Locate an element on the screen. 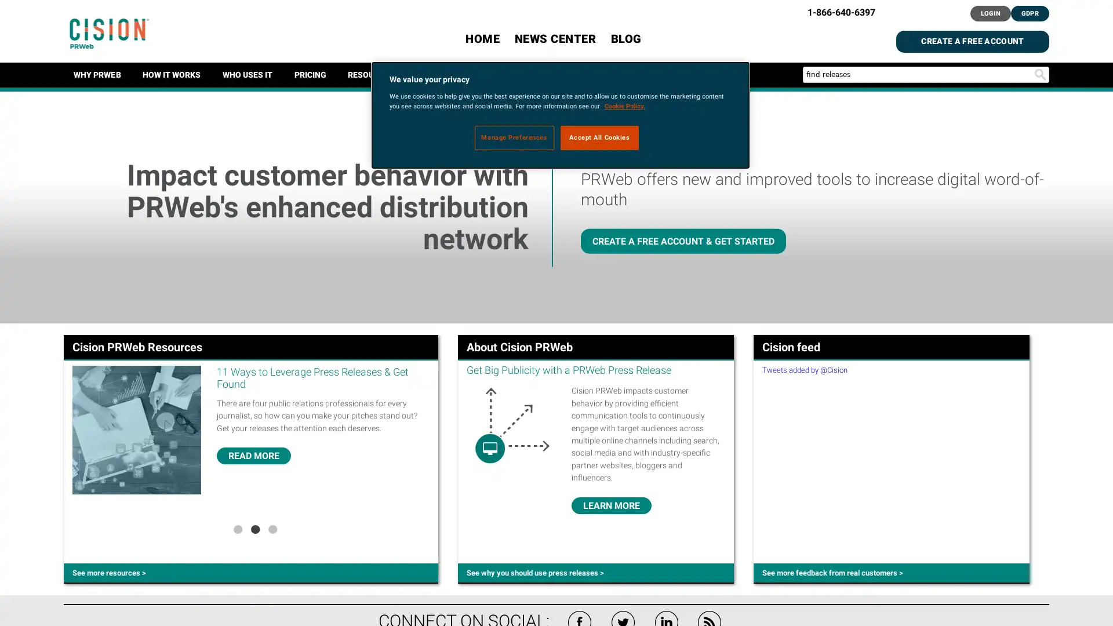 The height and width of the screenshot is (626, 1113). 2 is located at coordinates (254, 528).